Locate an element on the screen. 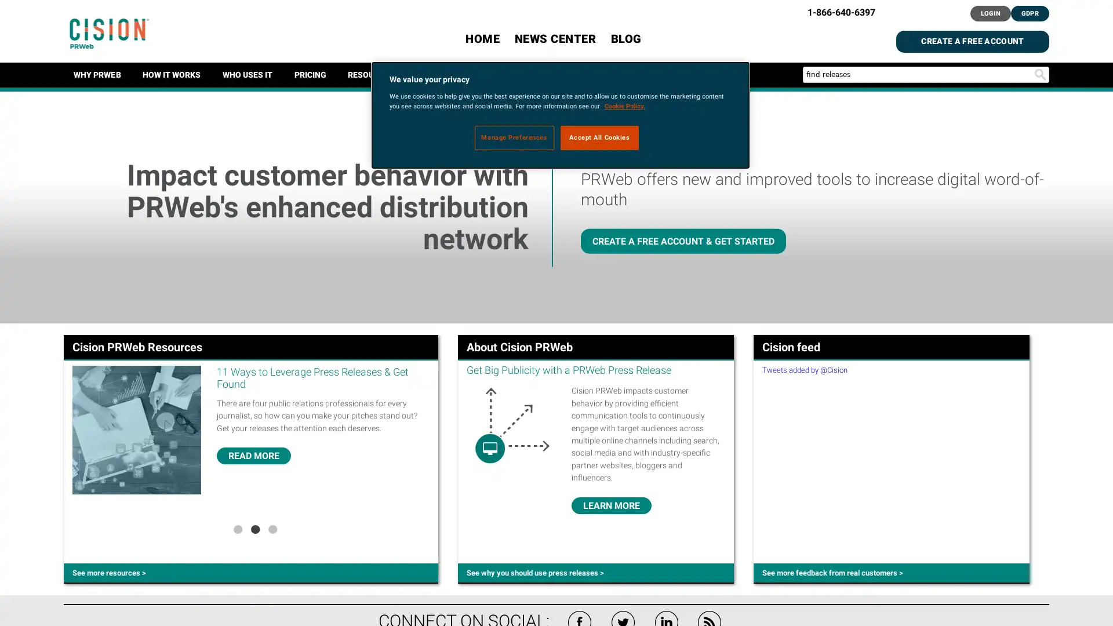 The height and width of the screenshot is (626, 1113). 2 is located at coordinates (254, 528).